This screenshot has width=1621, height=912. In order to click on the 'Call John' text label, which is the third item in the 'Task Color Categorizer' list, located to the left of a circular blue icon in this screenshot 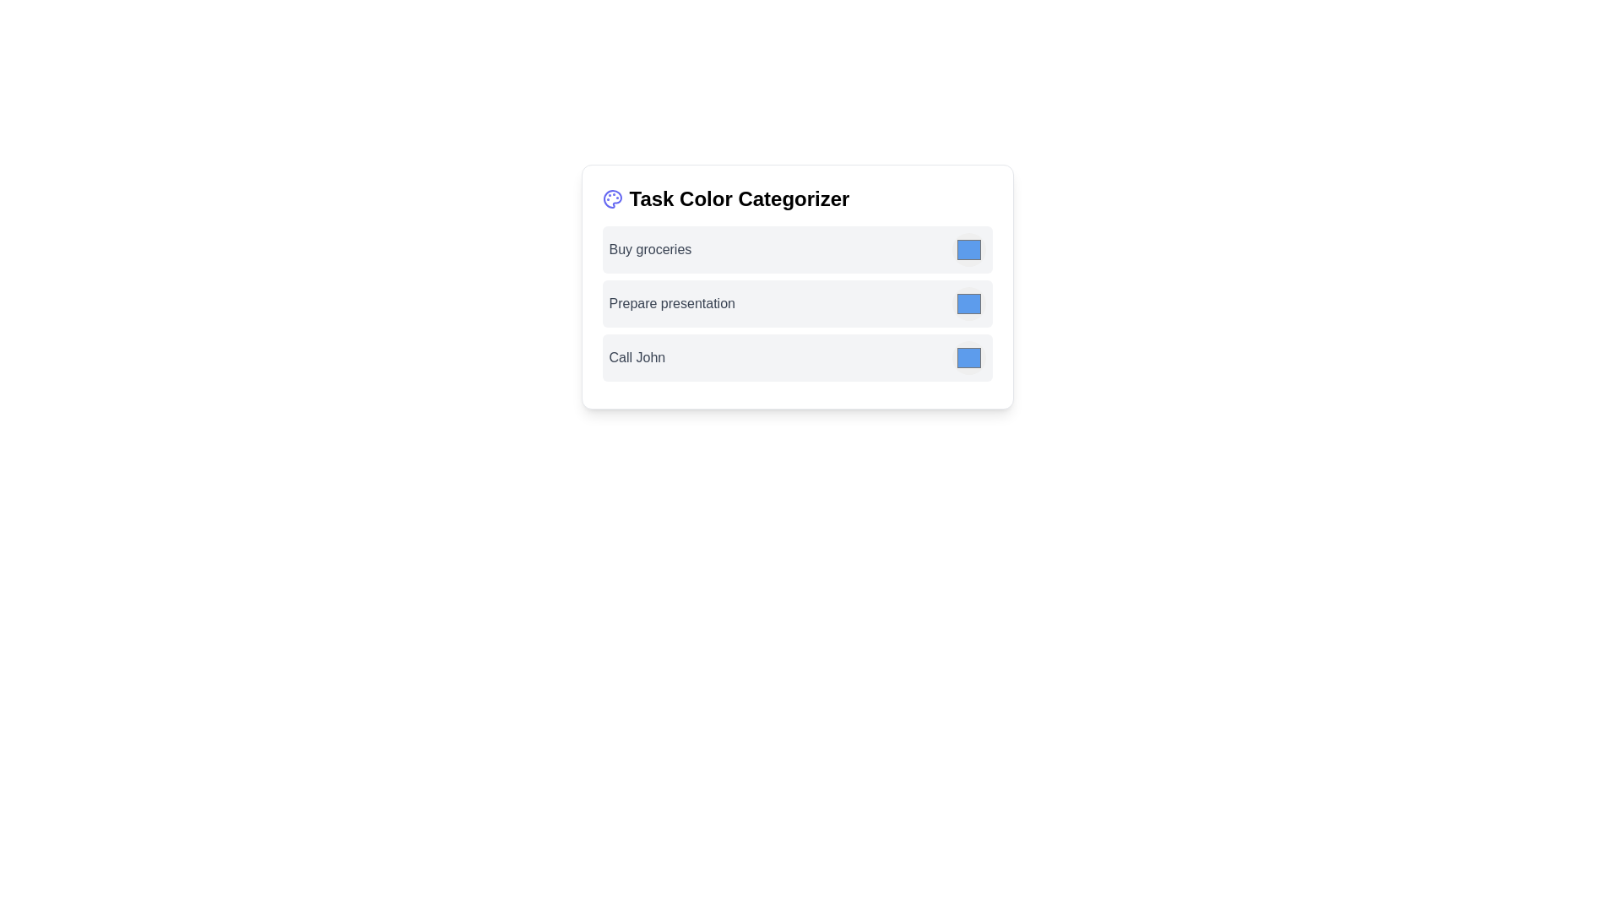, I will do `click(636, 357)`.